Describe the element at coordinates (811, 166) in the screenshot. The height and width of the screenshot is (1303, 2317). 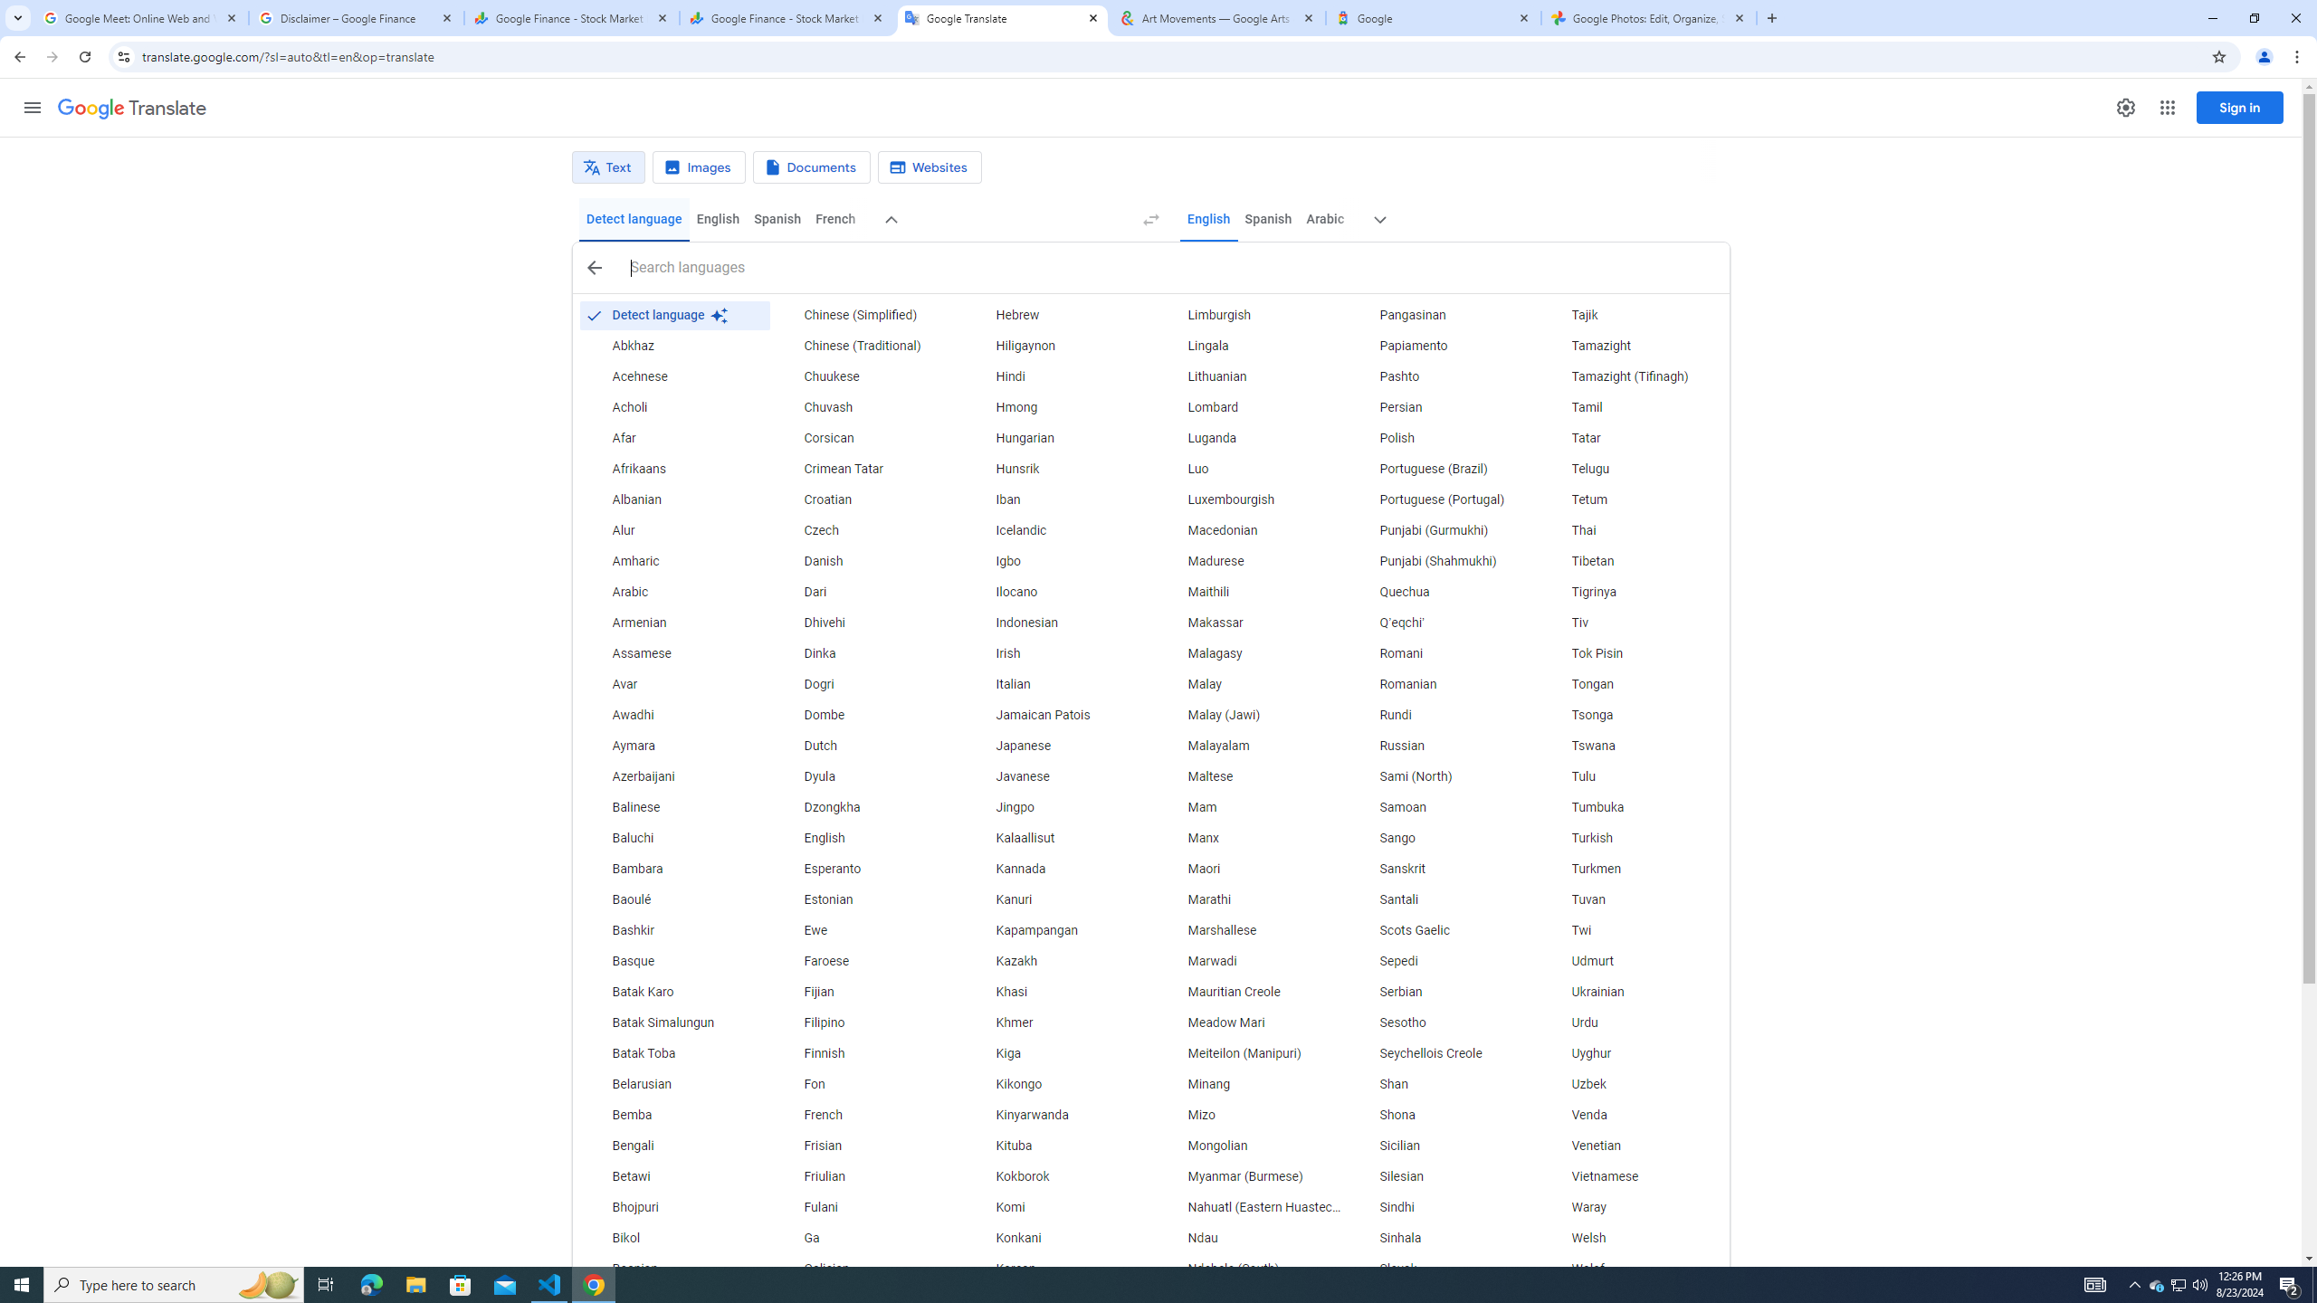
I see `'Document translation'` at that location.